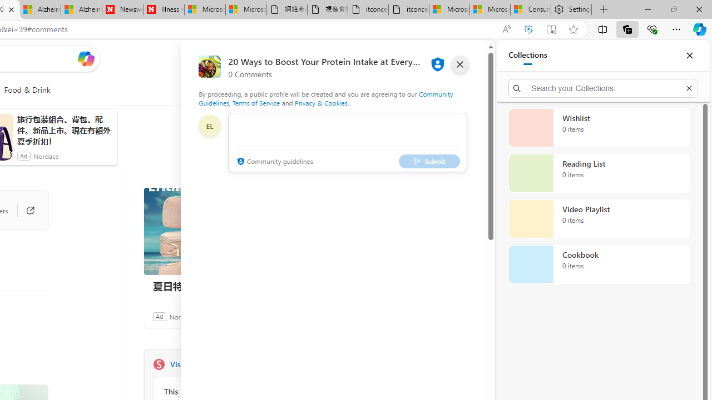 The image size is (712, 400). Describe the element at coordinates (460, 64) in the screenshot. I see `'close'` at that location.